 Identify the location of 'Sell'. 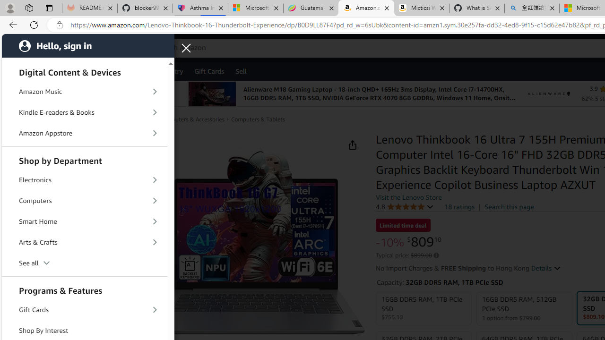
(241, 70).